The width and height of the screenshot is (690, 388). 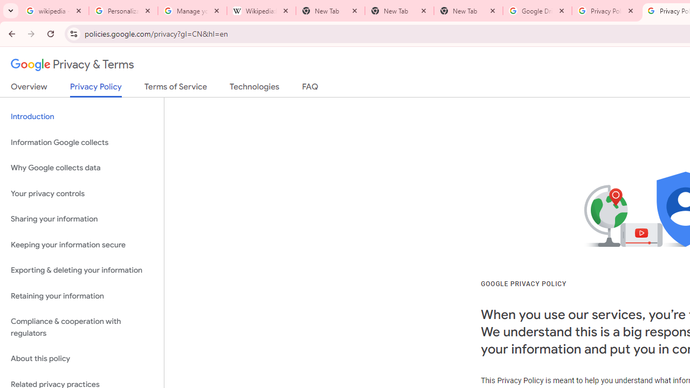 What do you see at coordinates (81, 245) in the screenshot?
I see `'Keeping your information secure'` at bounding box center [81, 245].